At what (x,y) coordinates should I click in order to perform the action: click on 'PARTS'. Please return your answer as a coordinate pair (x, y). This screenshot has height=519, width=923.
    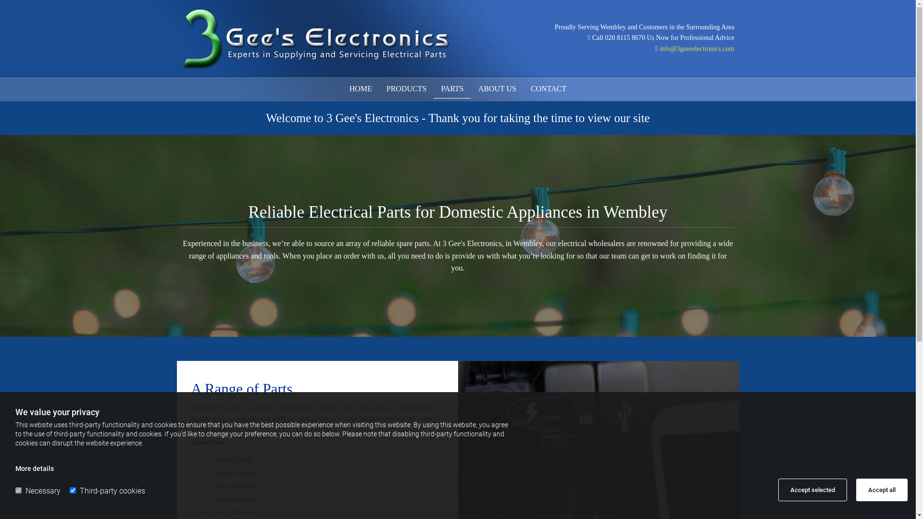
    Looking at the image, I should click on (451, 89).